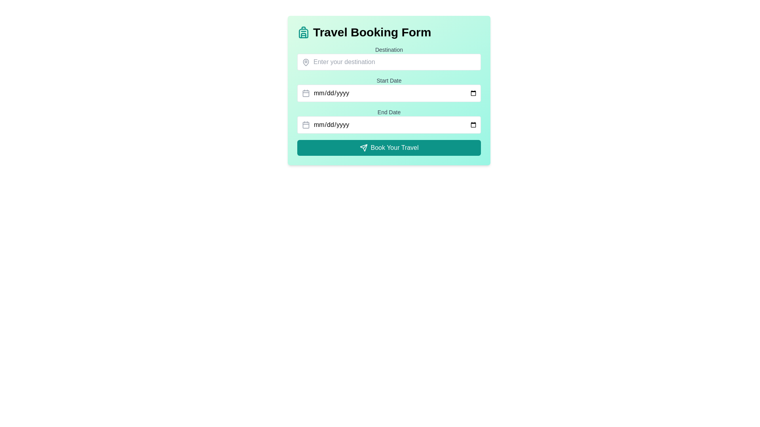 The width and height of the screenshot is (760, 427). What do you see at coordinates (305, 93) in the screenshot?
I see `the calendar icon located to the left of the 'Start Date' input field to open the associated date picker` at bounding box center [305, 93].